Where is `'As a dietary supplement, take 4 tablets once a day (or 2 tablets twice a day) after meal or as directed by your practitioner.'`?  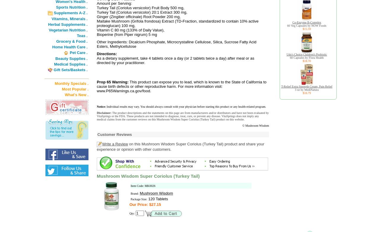
'As a dietary supplement, take 4 tablets once a day (or 2 tablets twice a day) after meal or as directed by your practitioner.' is located at coordinates (175, 60).